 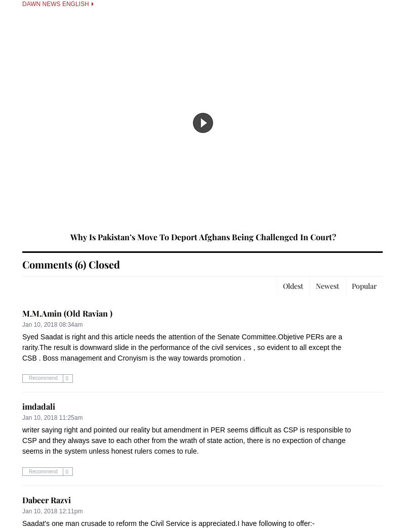 What do you see at coordinates (22, 406) in the screenshot?
I see `'imdadali'` at bounding box center [22, 406].